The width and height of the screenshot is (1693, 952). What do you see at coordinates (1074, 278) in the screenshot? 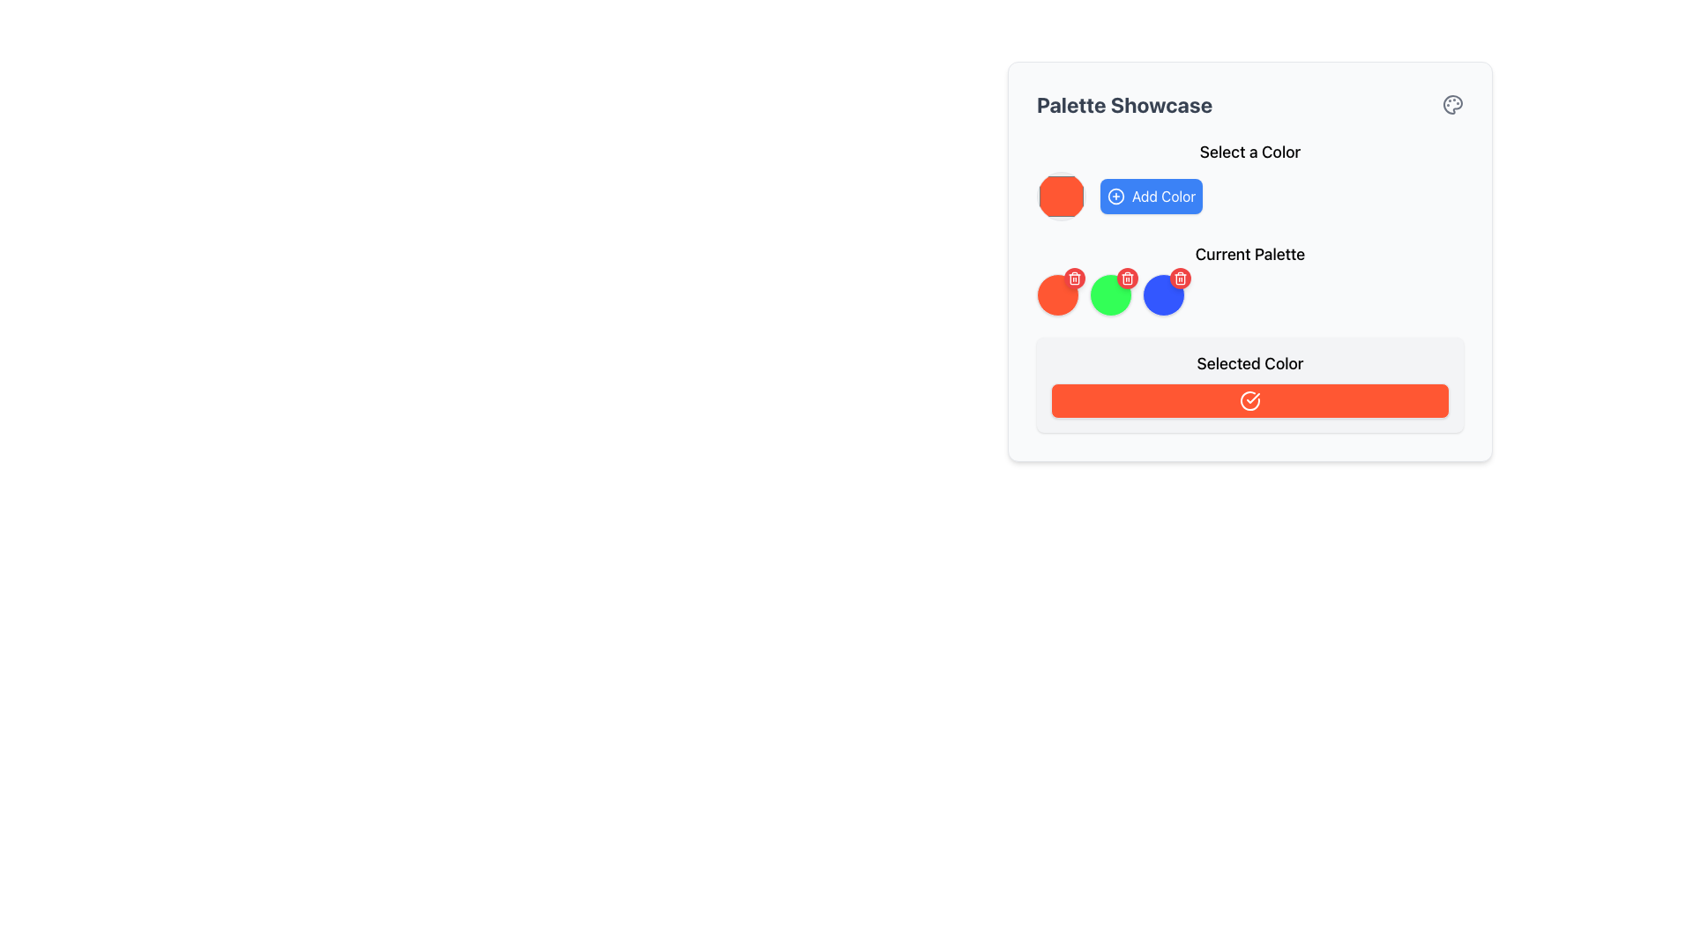
I see `the small circular red button with a white trash can icon in the top-right corner of the 'Current Palette' section of the 'Palette Showcase' interface` at bounding box center [1074, 278].